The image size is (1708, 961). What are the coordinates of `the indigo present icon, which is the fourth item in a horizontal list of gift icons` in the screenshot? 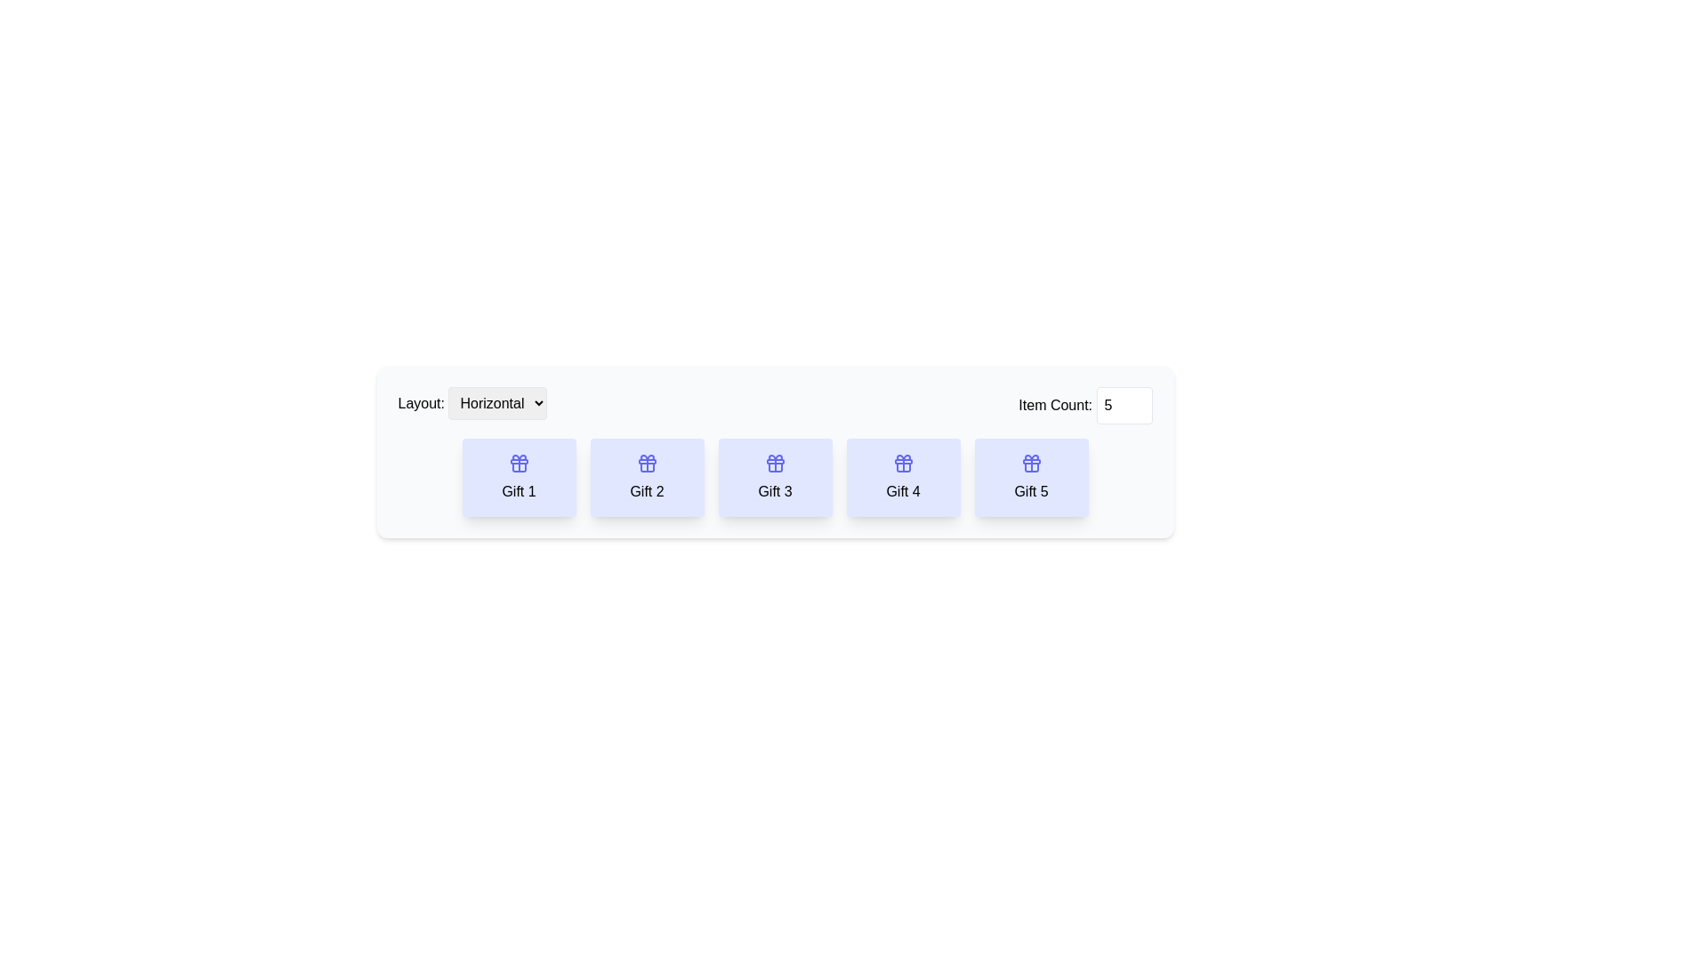 It's located at (903, 462).